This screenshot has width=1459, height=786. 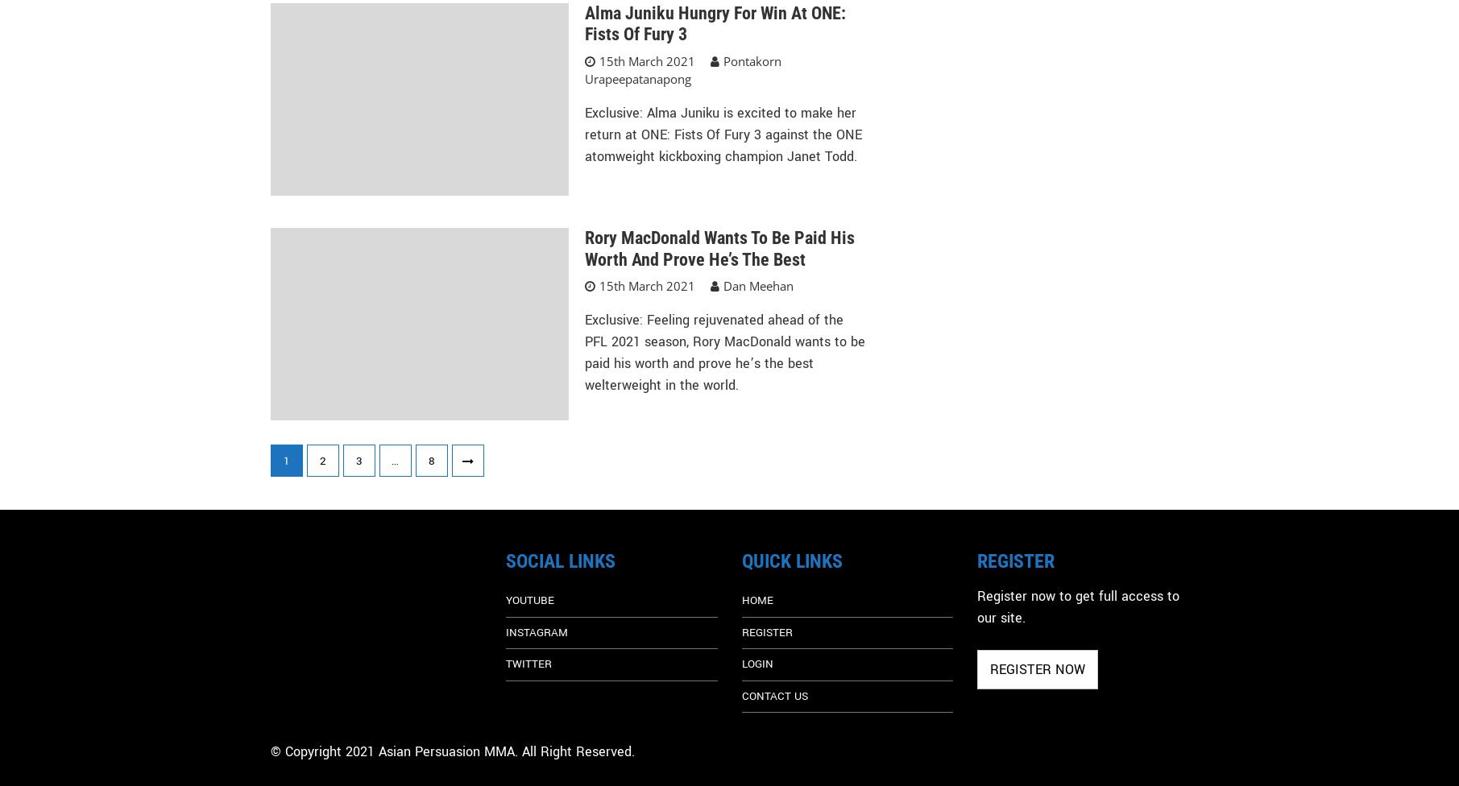 What do you see at coordinates (682, 69) in the screenshot?
I see `'Pontakorn Urapeepatanapong'` at bounding box center [682, 69].